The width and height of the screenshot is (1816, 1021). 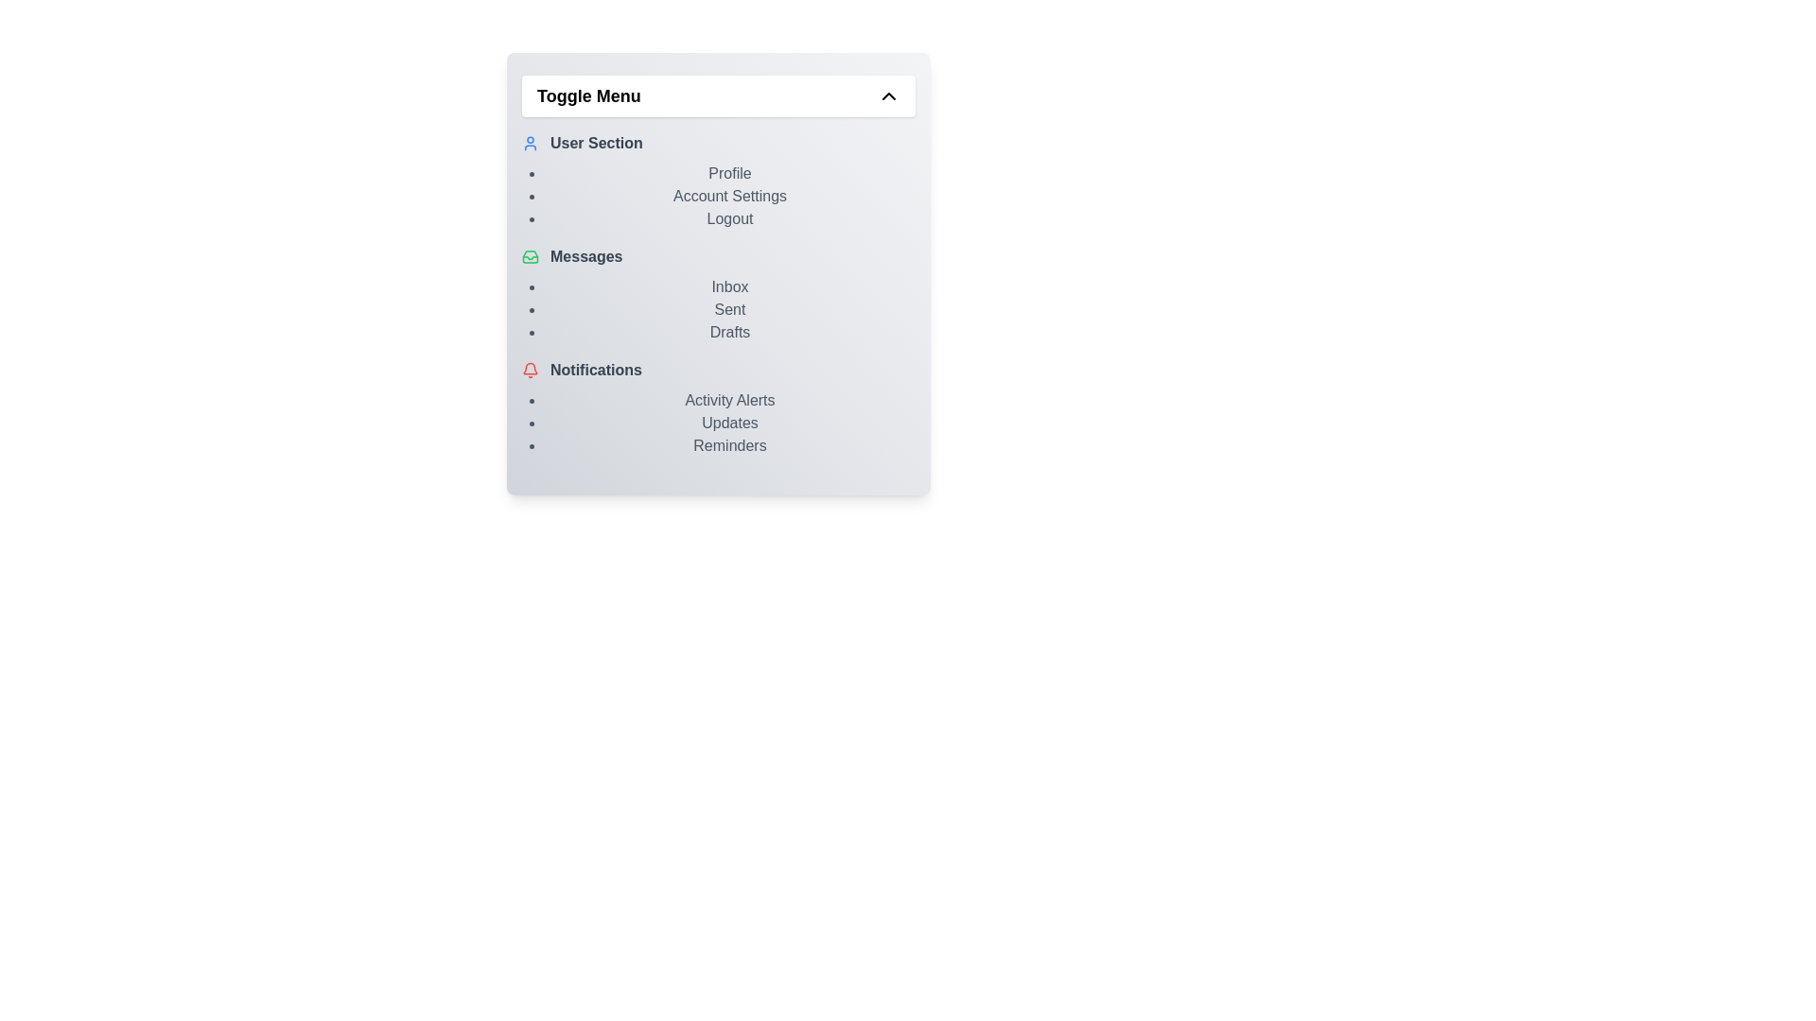 I want to click on the icon next to the section title User Section, so click(x=530, y=142).